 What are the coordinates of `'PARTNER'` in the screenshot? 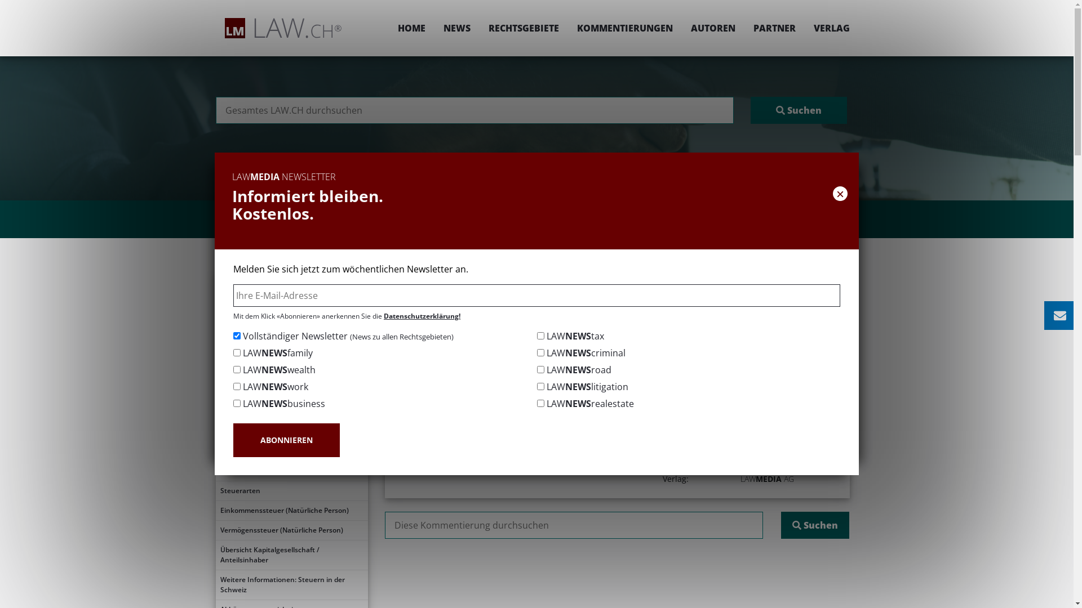 It's located at (744, 28).